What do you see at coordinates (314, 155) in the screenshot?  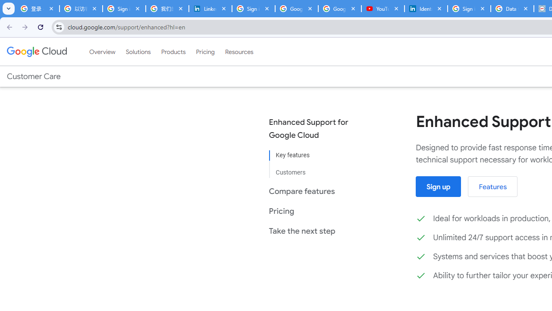 I see `'Key features'` at bounding box center [314, 155].